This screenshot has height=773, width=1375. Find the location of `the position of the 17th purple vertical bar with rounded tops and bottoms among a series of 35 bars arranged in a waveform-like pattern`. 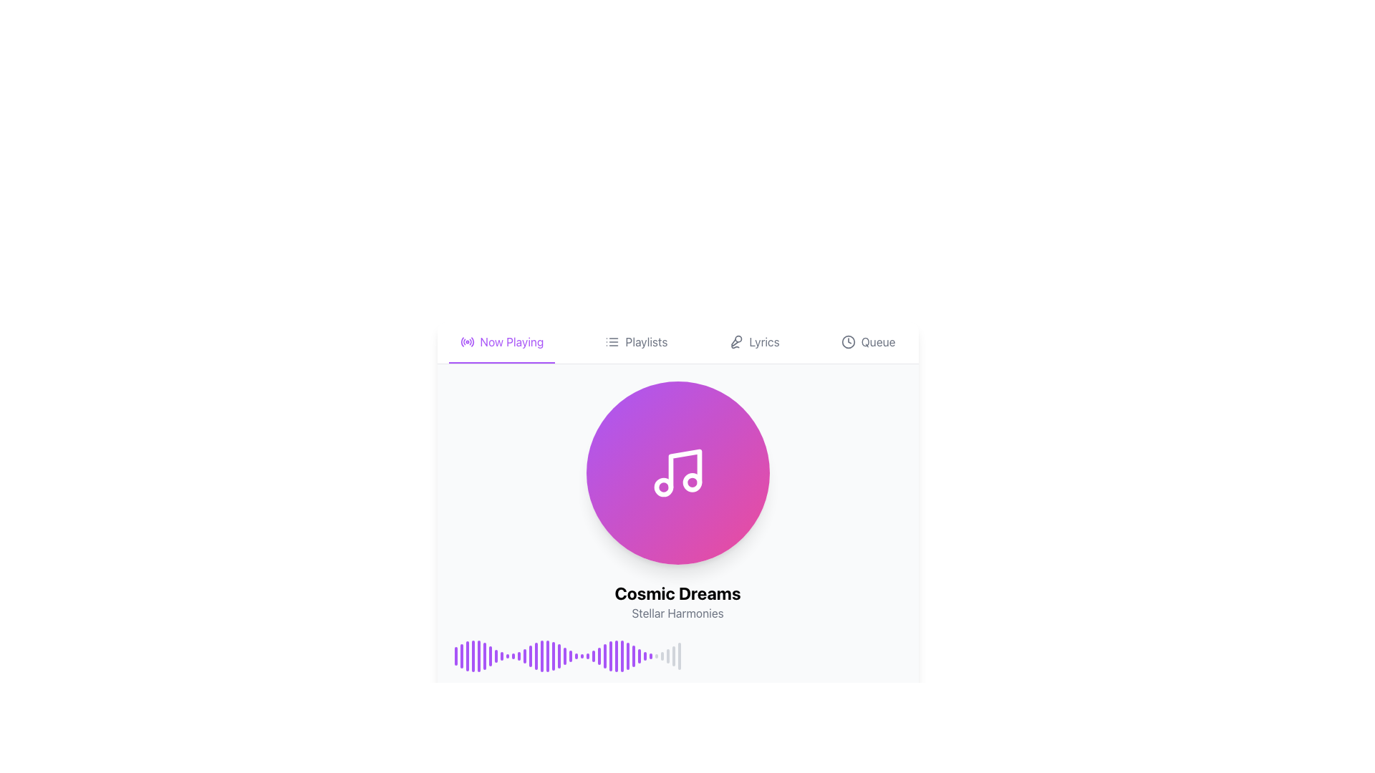

the position of the 17th purple vertical bar with rounded tops and bottoms among a series of 35 bars arranged in a waveform-like pattern is located at coordinates (546, 656).